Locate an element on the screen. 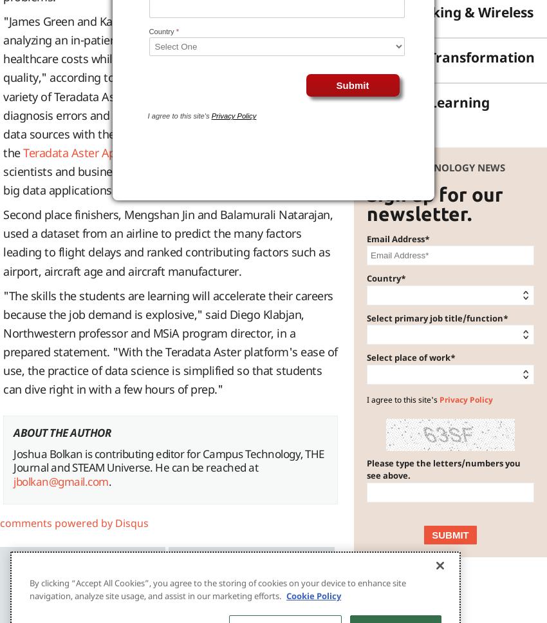 The height and width of the screenshot is (623, 547). '"The skills the students are learning will accelerate  their careers because the job demand is explosive," said Diego Klabjan,  Northwestern professor and MSiA program director, in a prepared statement.  "With the Teradata Aster platform's ease of use, the practice of data  science is simplified so that students can dive right in with a few hours of  prep."' is located at coordinates (169, 341).